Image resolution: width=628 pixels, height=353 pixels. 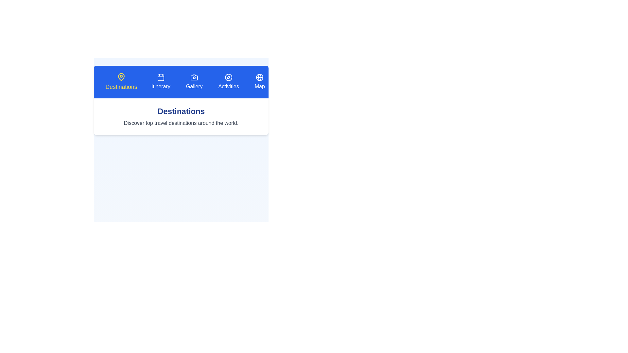 I want to click on the SVG icon representing the 'Destinations' feature located in the section header before the text 'Destinations', so click(x=121, y=76).